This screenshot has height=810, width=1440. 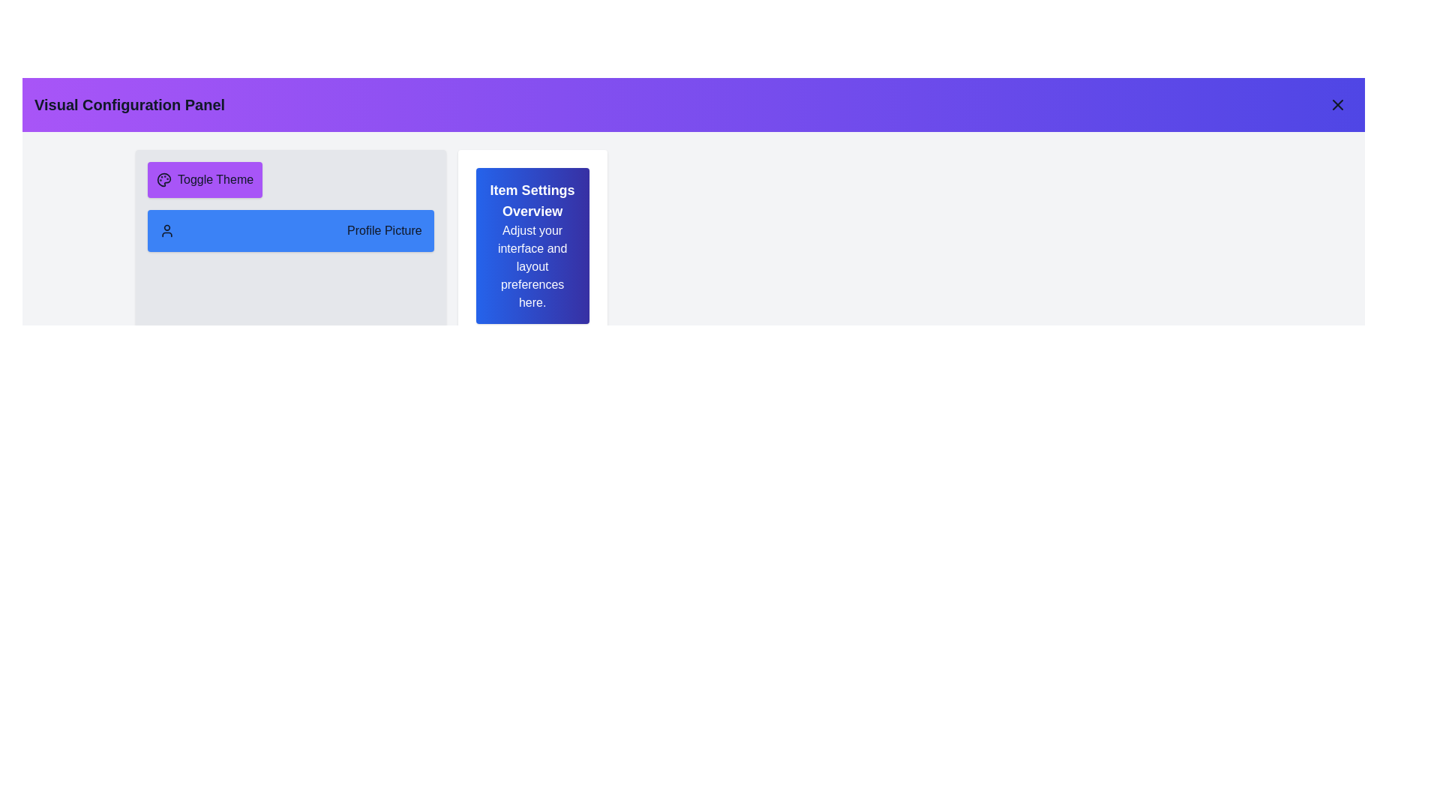 I want to click on the user icon, which is a circular head and shoulders figure with a black outline, located in the top left corner of the 'Profile Picture' section, so click(x=166, y=231).